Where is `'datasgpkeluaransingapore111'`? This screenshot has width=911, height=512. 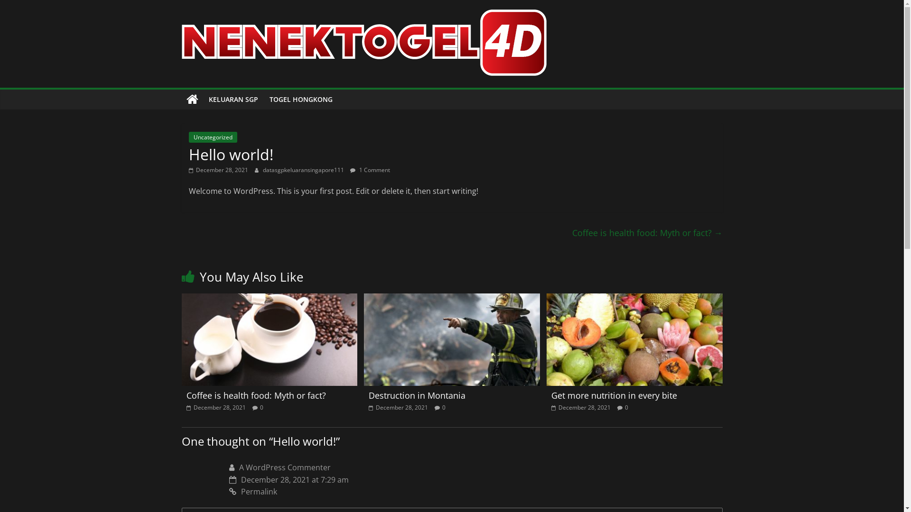 'datasgpkeluaransingapore111' is located at coordinates (304, 169).